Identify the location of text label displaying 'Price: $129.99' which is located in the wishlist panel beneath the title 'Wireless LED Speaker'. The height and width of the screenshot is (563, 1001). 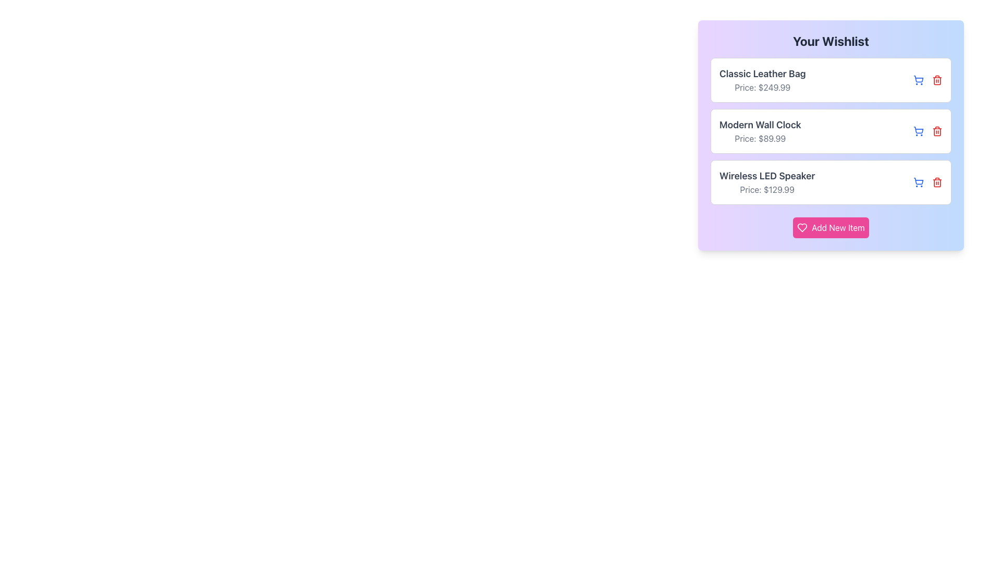
(767, 189).